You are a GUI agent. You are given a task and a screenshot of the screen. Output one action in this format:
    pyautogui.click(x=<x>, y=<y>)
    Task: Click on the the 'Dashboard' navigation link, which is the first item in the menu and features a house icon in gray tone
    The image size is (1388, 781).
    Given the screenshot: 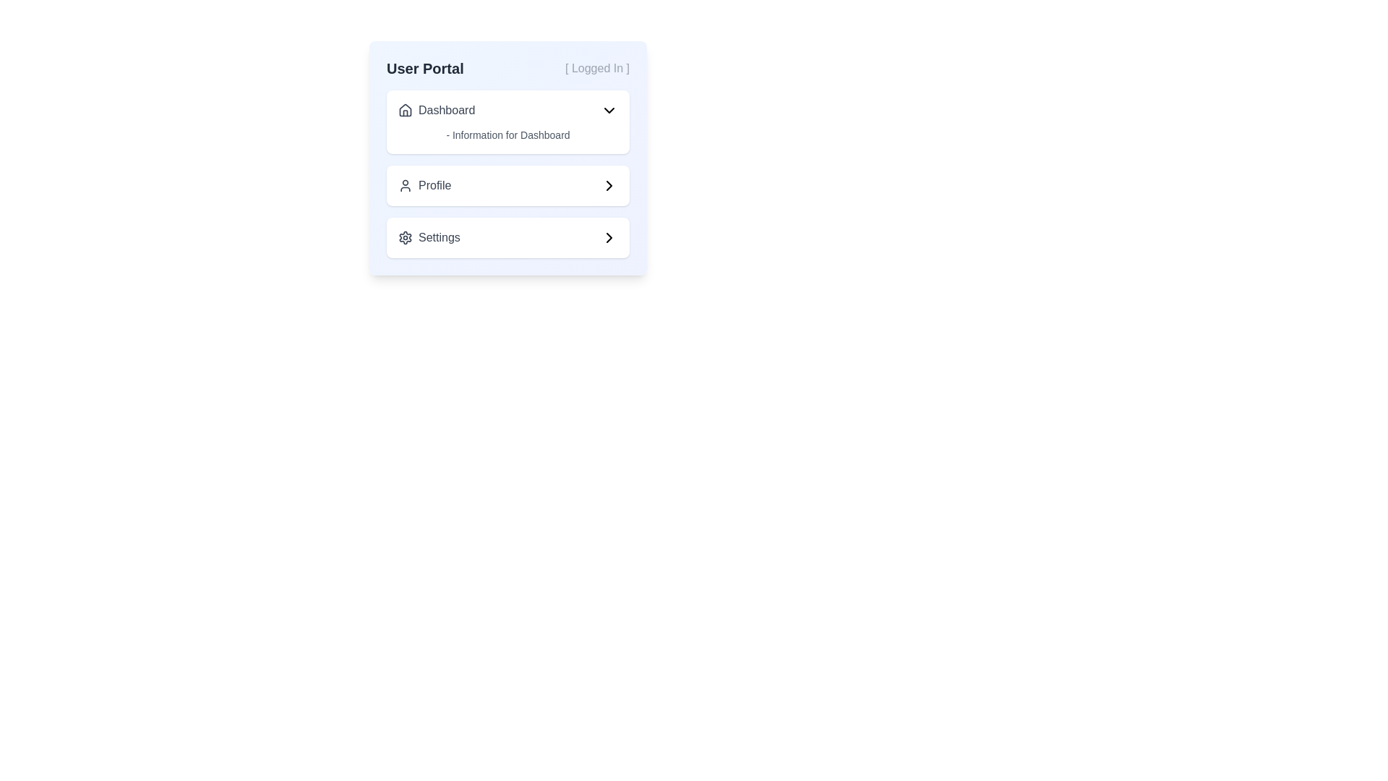 What is the action you would take?
    pyautogui.click(x=436, y=110)
    